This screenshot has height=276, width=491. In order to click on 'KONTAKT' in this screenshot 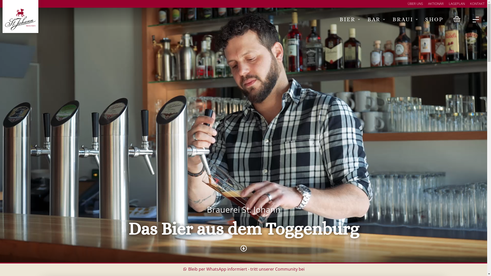, I will do `click(477, 4)`.